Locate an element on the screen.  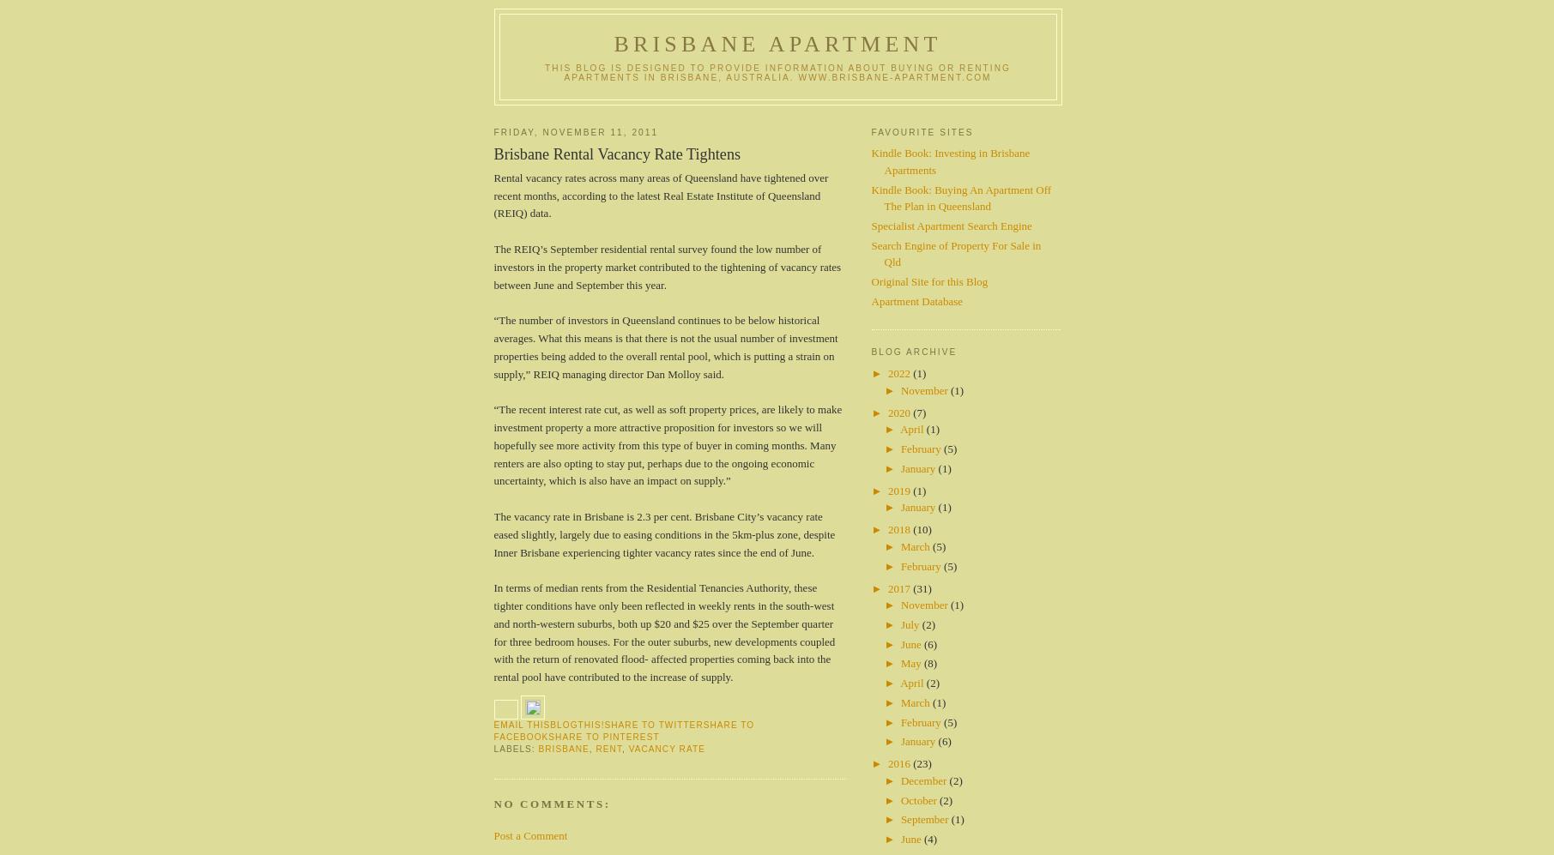
'October' is located at coordinates (899, 799).